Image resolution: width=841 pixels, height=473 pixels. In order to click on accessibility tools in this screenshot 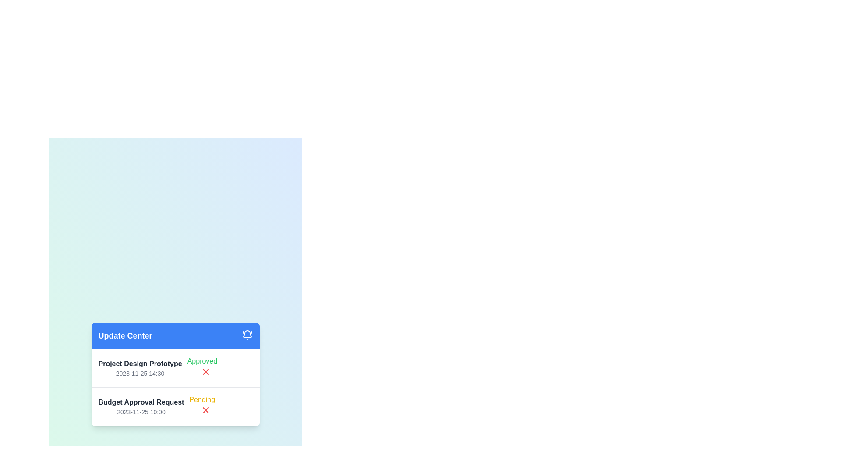, I will do `click(140, 368)`.